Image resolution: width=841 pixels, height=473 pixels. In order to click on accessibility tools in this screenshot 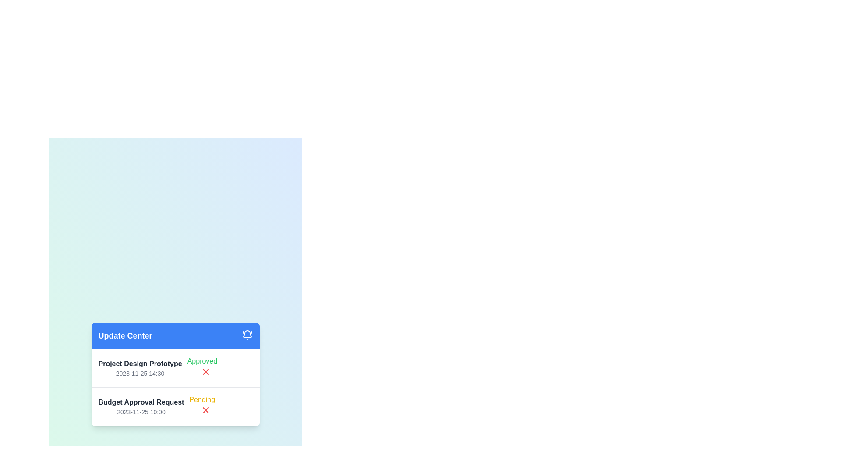, I will do `click(140, 368)`.